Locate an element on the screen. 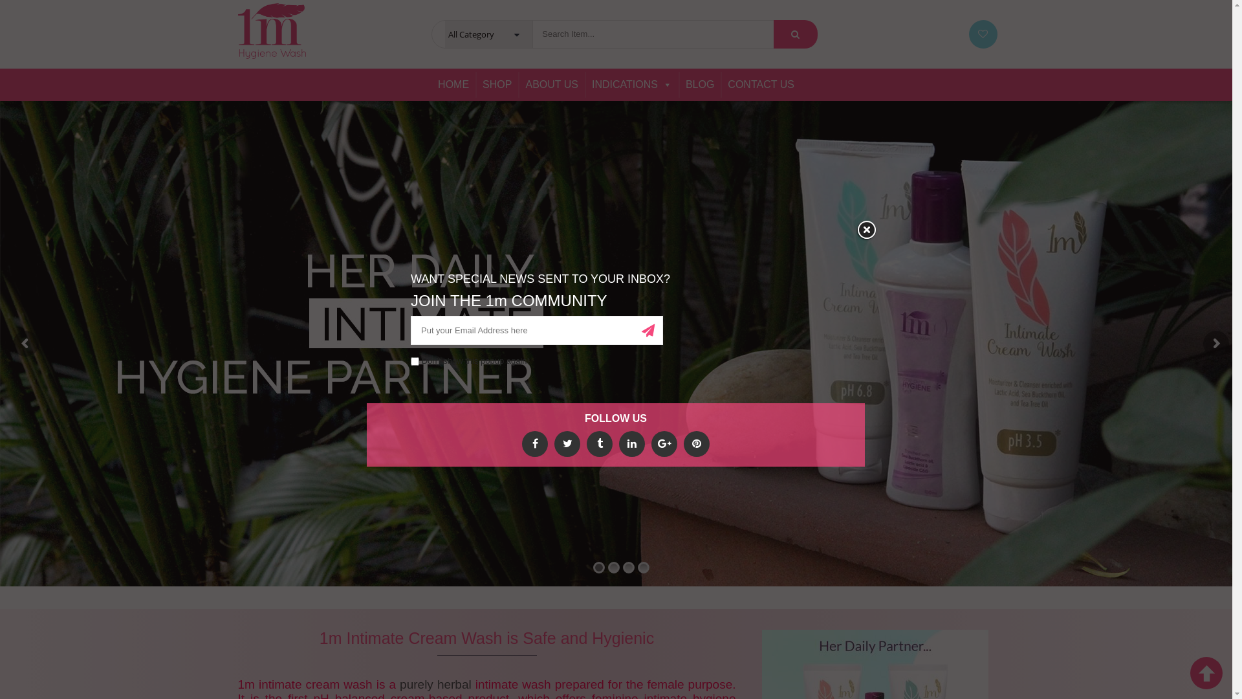  'Tumblr' is located at coordinates (598, 443).